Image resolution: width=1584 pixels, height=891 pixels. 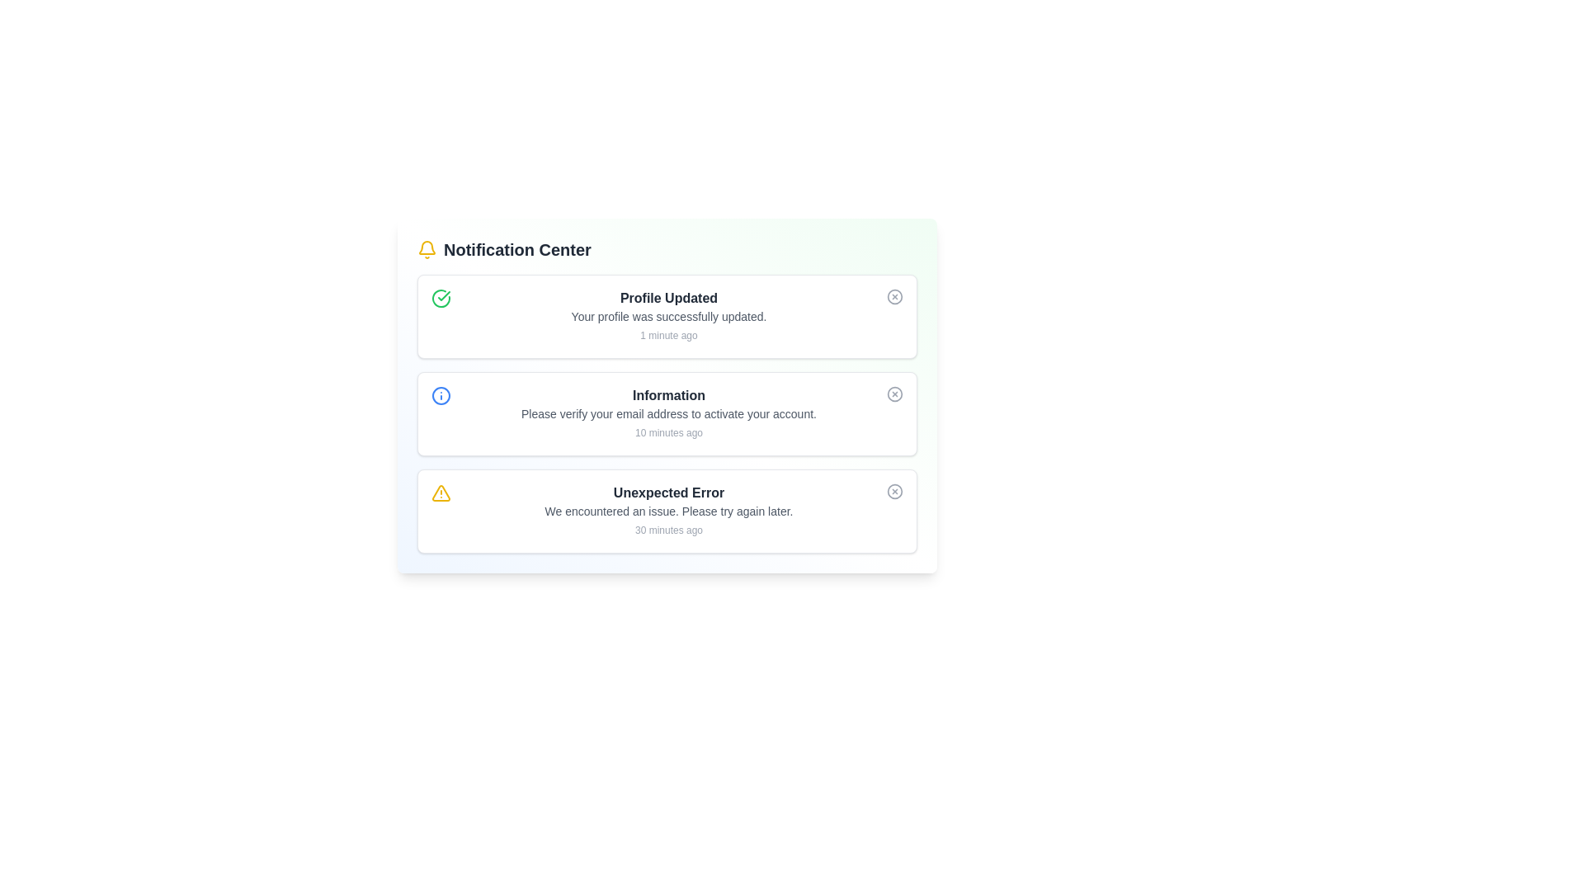 What do you see at coordinates (893, 295) in the screenshot?
I see `the close button for the alert titled 'Profile Updated'` at bounding box center [893, 295].